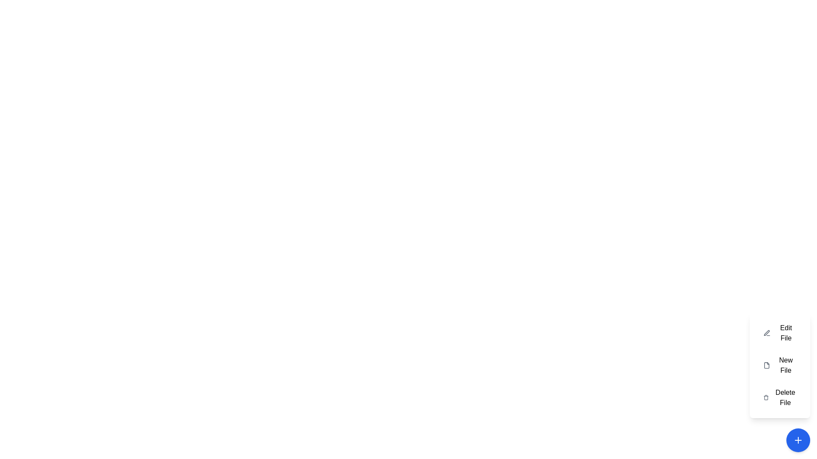 The image size is (817, 459). What do you see at coordinates (780, 398) in the screenshot?
I see `the 'Delete File' button located in the vertical menu, which is the third item below 'Edit File' and 'New File'` at bounding box center [780, 398].